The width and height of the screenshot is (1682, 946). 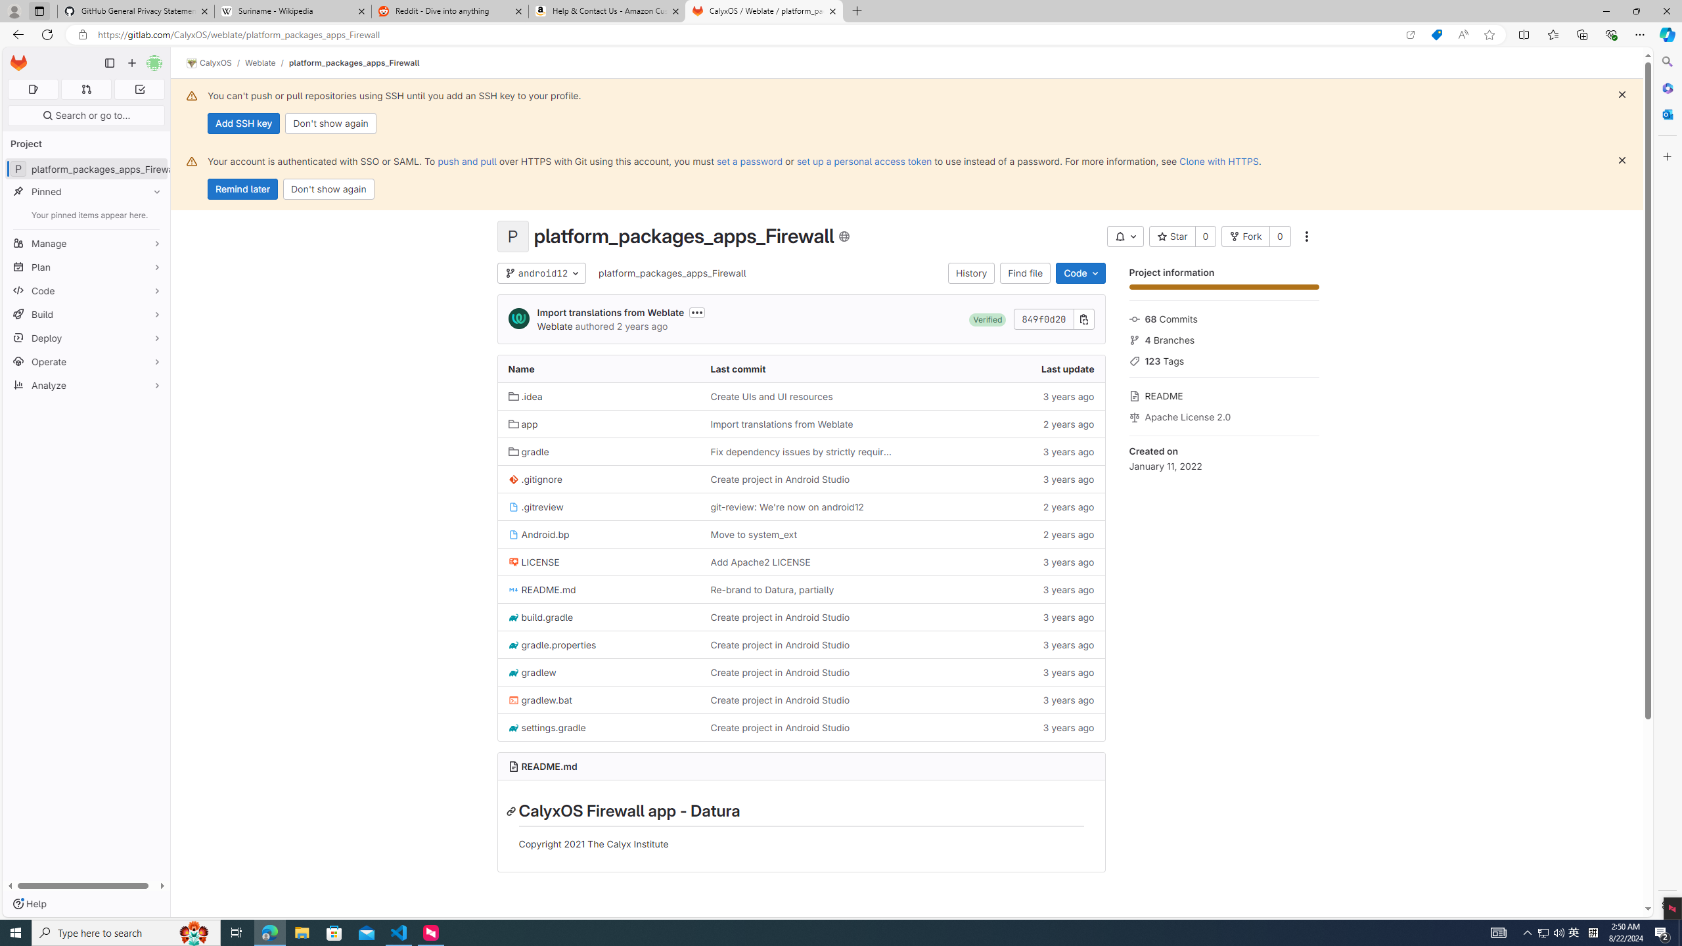 I want to click on 'Pinned', so click(x=85, y=191).